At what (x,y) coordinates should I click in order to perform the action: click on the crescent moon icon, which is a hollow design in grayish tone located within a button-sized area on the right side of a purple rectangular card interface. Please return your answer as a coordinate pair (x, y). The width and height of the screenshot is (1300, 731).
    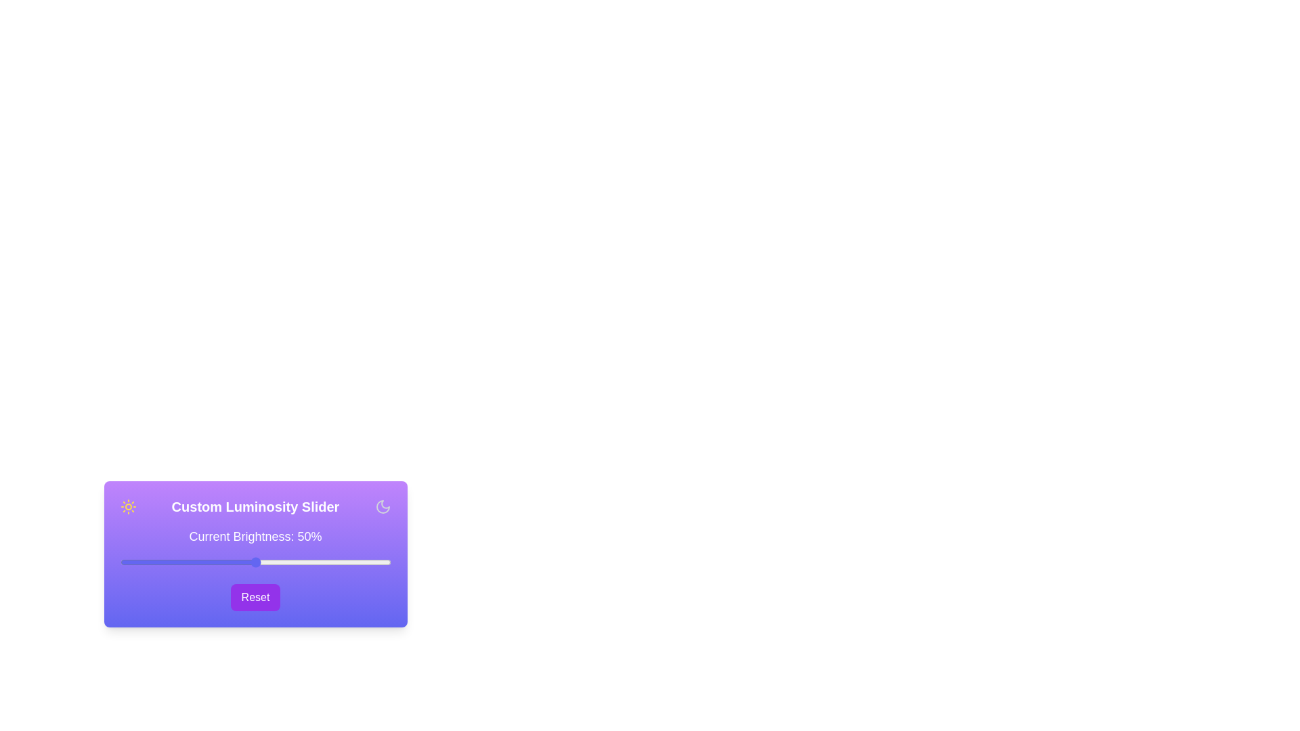
    Looking at the image, I should click on (382, 506).